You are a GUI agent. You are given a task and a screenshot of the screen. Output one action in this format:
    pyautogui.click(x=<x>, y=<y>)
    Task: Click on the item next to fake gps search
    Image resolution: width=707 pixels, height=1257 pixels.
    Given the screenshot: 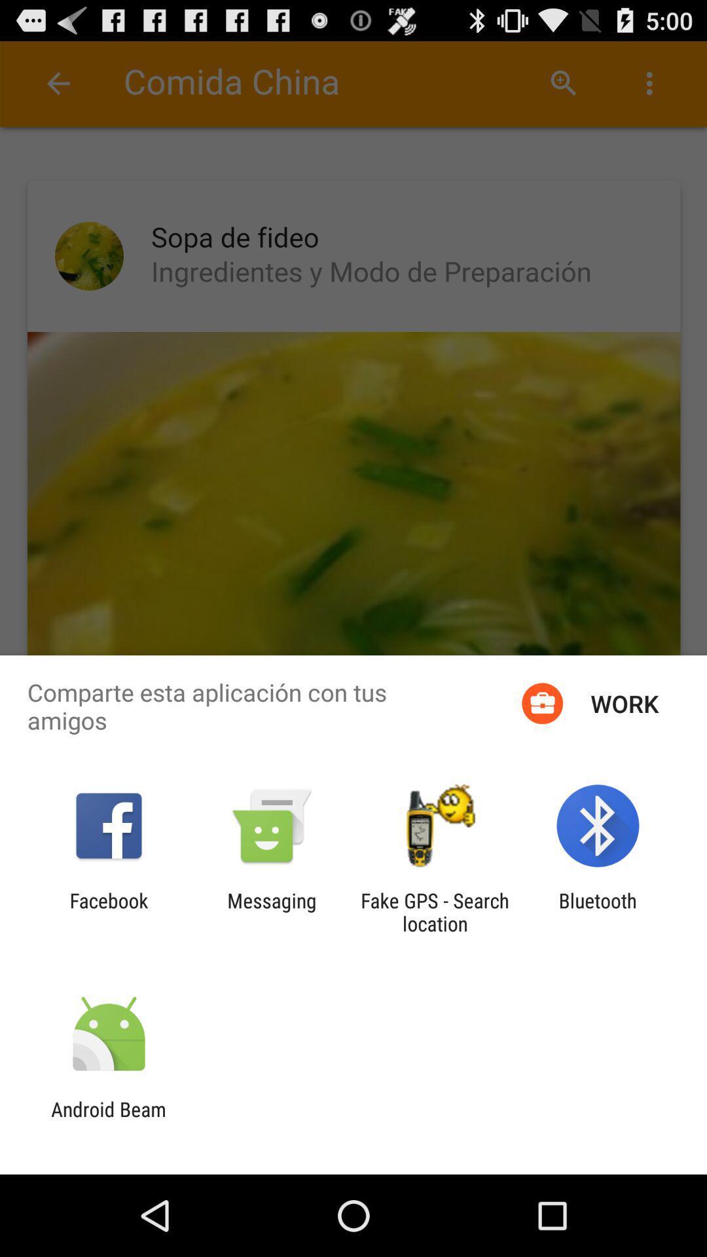 What is the action you would take?
    pyautogui.click(x=271, y=911)
    